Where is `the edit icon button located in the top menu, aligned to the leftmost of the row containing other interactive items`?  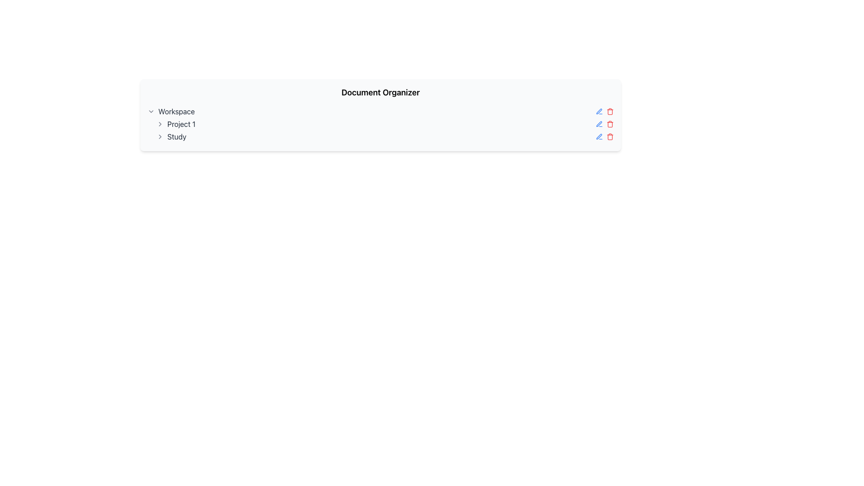
the edit icon button located in the top menu, aligned to the leftmost of the row containing other interactive items is located at coordinates (599, 111).